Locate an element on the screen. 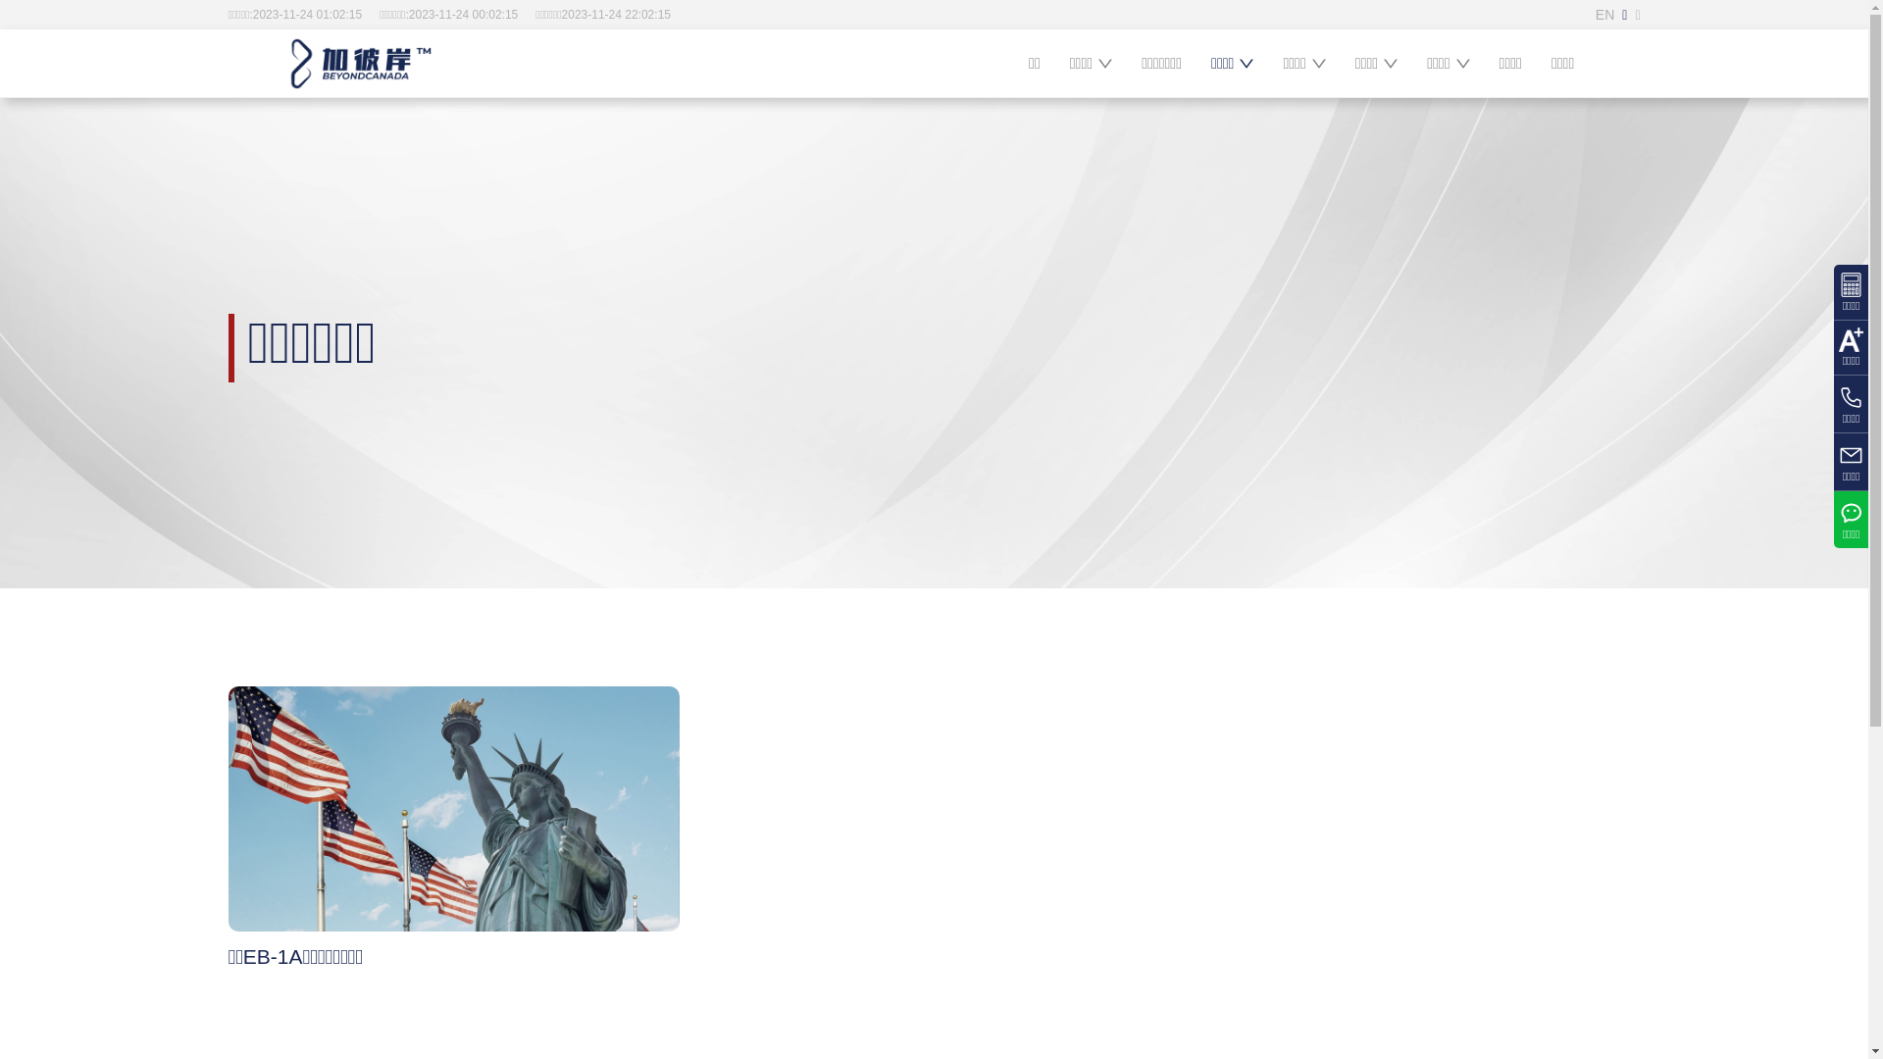 The height and width of the screenshot is (1059, 1883). 'EN' is located at coordinates (1596, 14).